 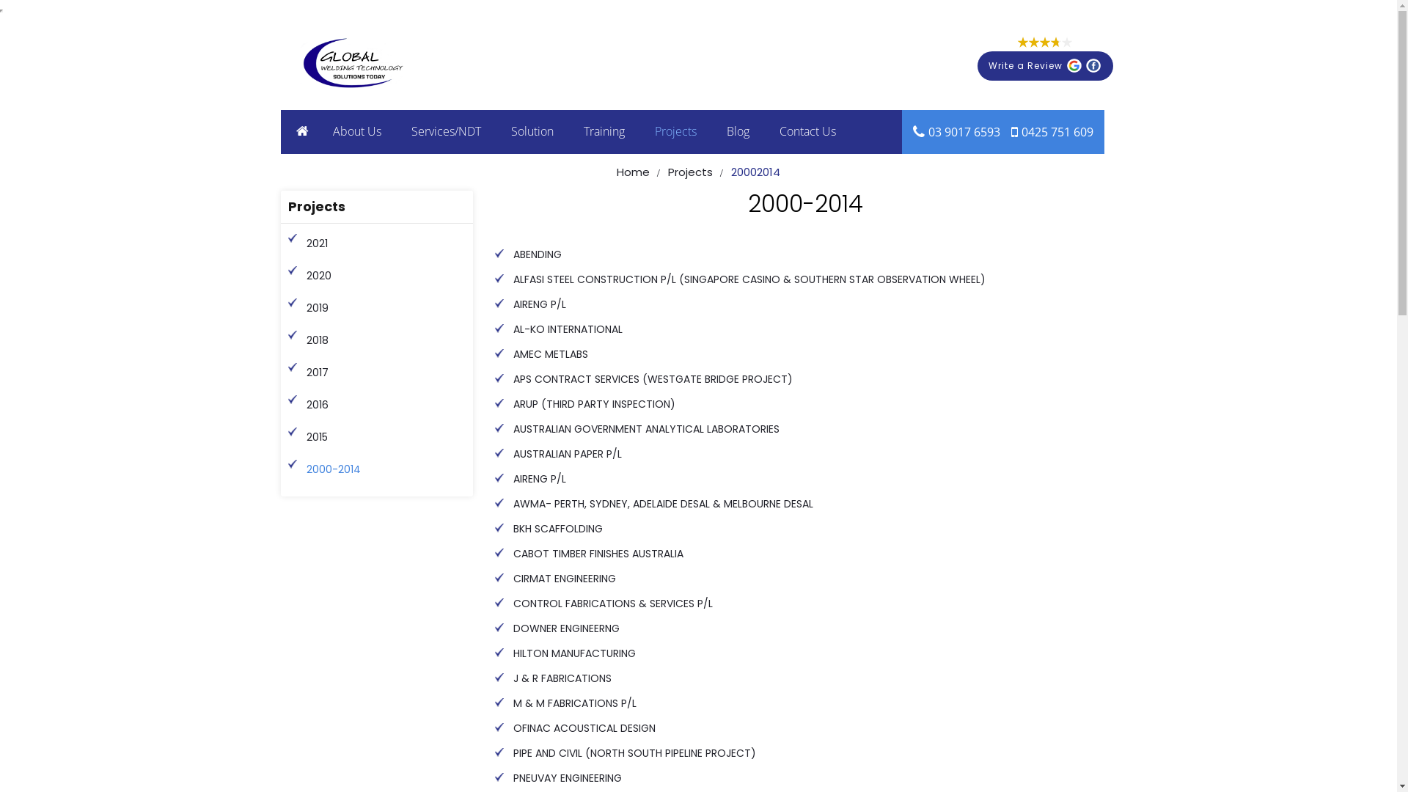 What do you see at coordinates (1056, 132) in the screenshot?
I see `'0425 751 609'` at bounding box center [1056, 132].